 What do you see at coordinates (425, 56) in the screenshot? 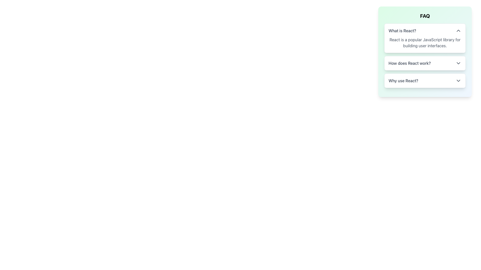
I see `the second FAQ item titled 'How does React work?' in the FAQ section, which has collapsible functionality indicated by a chevron icon` at bounding box center [425, 56].